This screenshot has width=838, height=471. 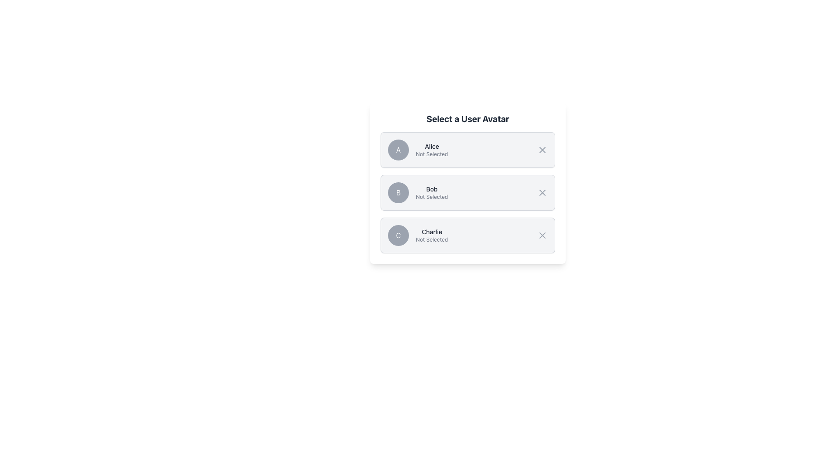 What do you see at coordinates (398, 235) in the screenshot?
I see `the circular avatar placeholder with a gray background and a white 'C' character` at bounding box center [398, 235].